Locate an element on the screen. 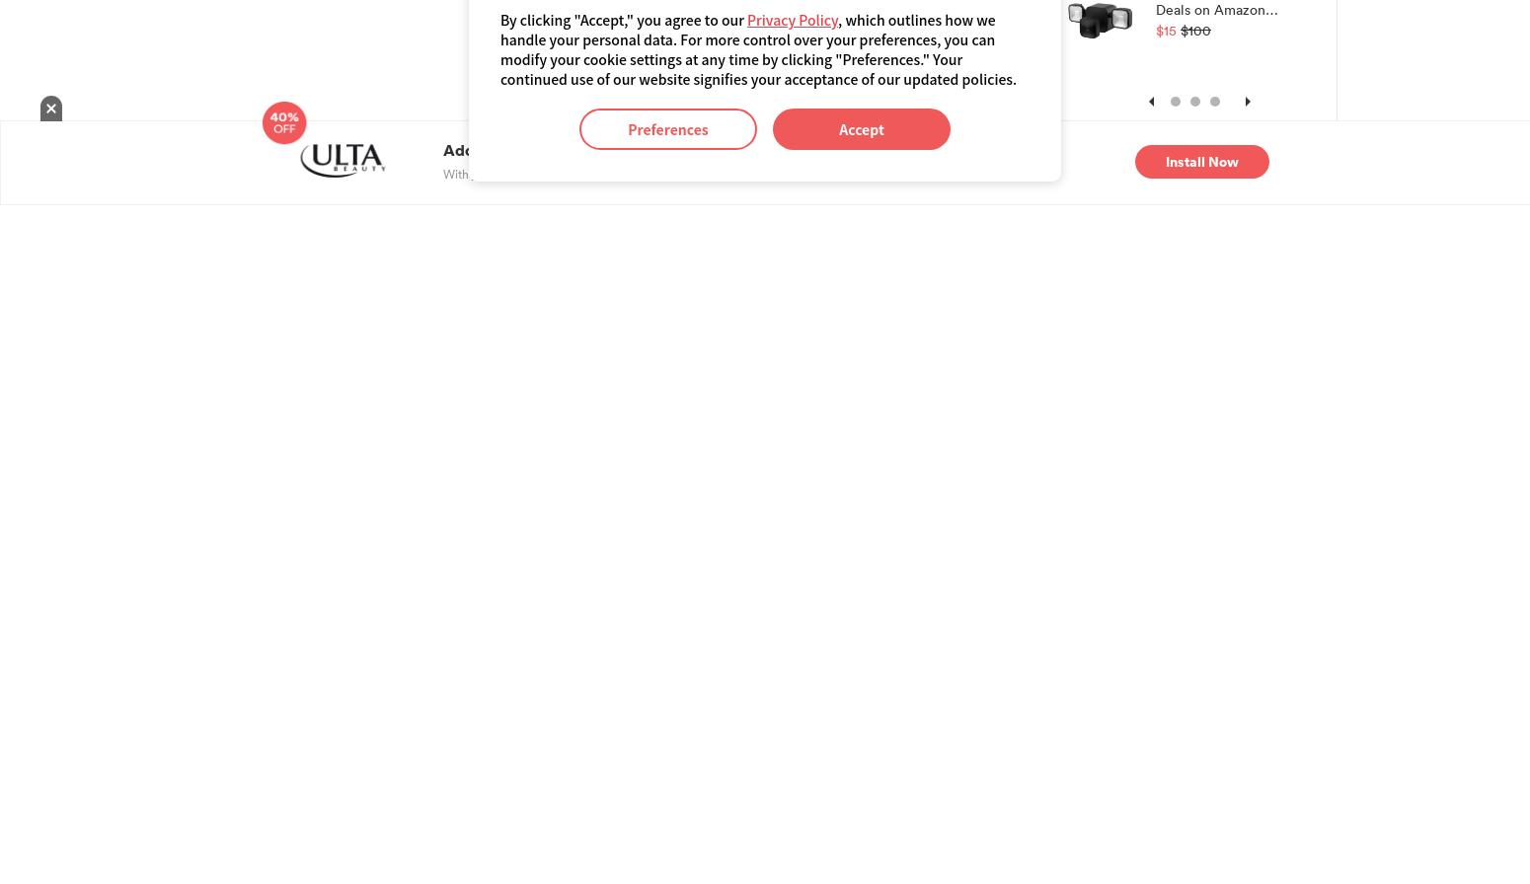 This screenshot has height=884, width=1530. '$431.99' is located at coordinates (637, 479).